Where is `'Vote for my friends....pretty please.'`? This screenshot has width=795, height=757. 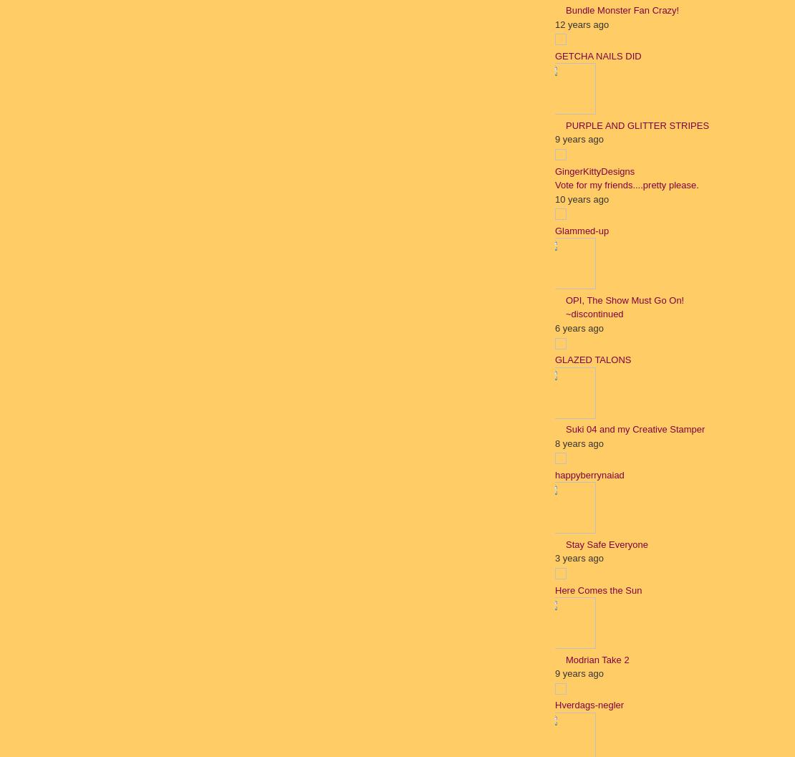 'Vote for my friends....pretty please.' is located at coordinates (626, 184).